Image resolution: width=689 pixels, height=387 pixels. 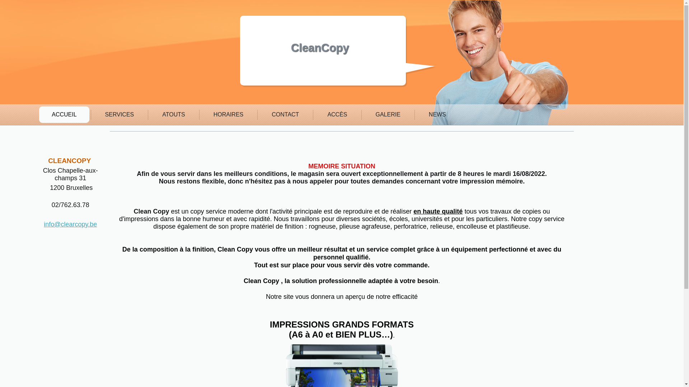 What do you see at coordinates (285, 114) in the screenshot?
I see `'CONTACT'` at bounding box center [285, 114].